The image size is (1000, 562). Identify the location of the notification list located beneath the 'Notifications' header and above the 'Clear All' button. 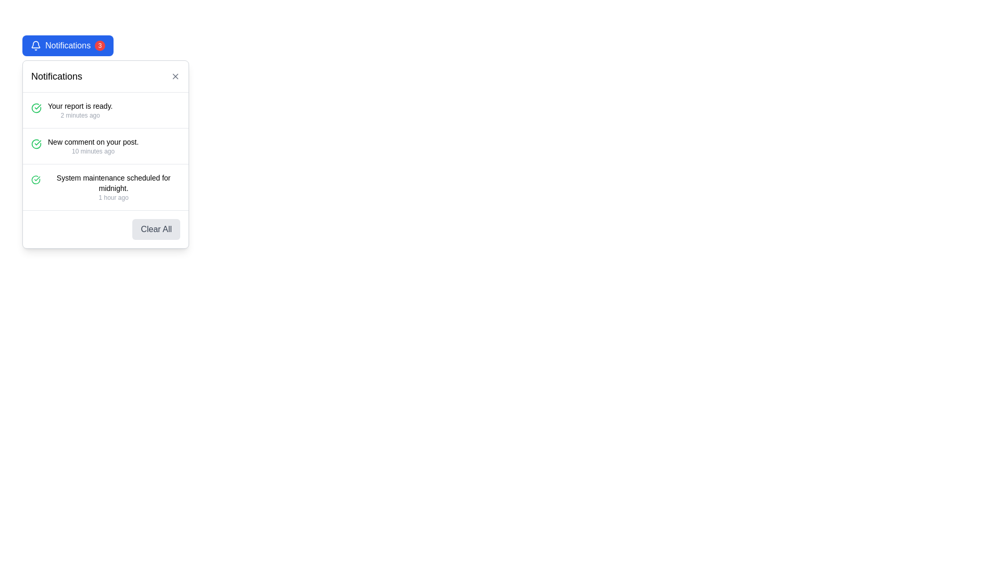
(105, 151).